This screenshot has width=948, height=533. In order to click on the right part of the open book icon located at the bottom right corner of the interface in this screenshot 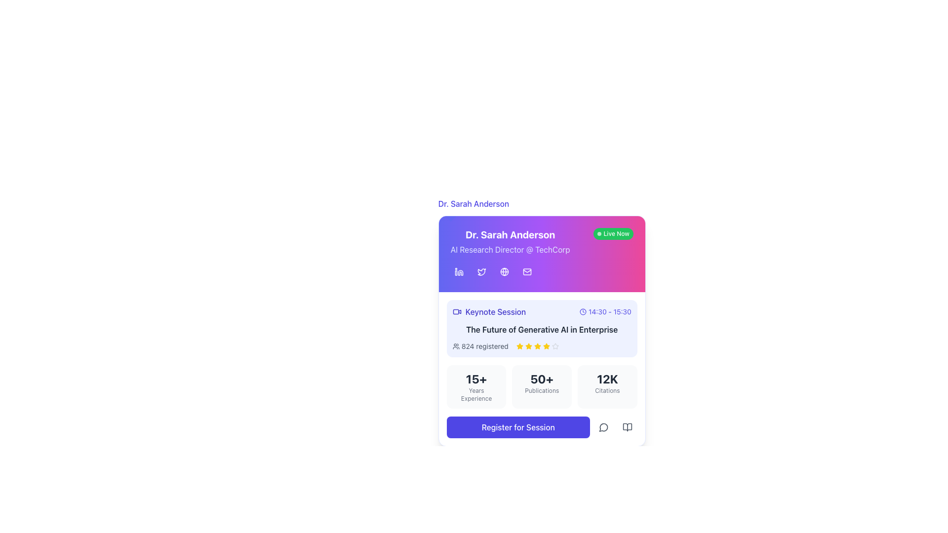, I will do `click(627, 427)`.